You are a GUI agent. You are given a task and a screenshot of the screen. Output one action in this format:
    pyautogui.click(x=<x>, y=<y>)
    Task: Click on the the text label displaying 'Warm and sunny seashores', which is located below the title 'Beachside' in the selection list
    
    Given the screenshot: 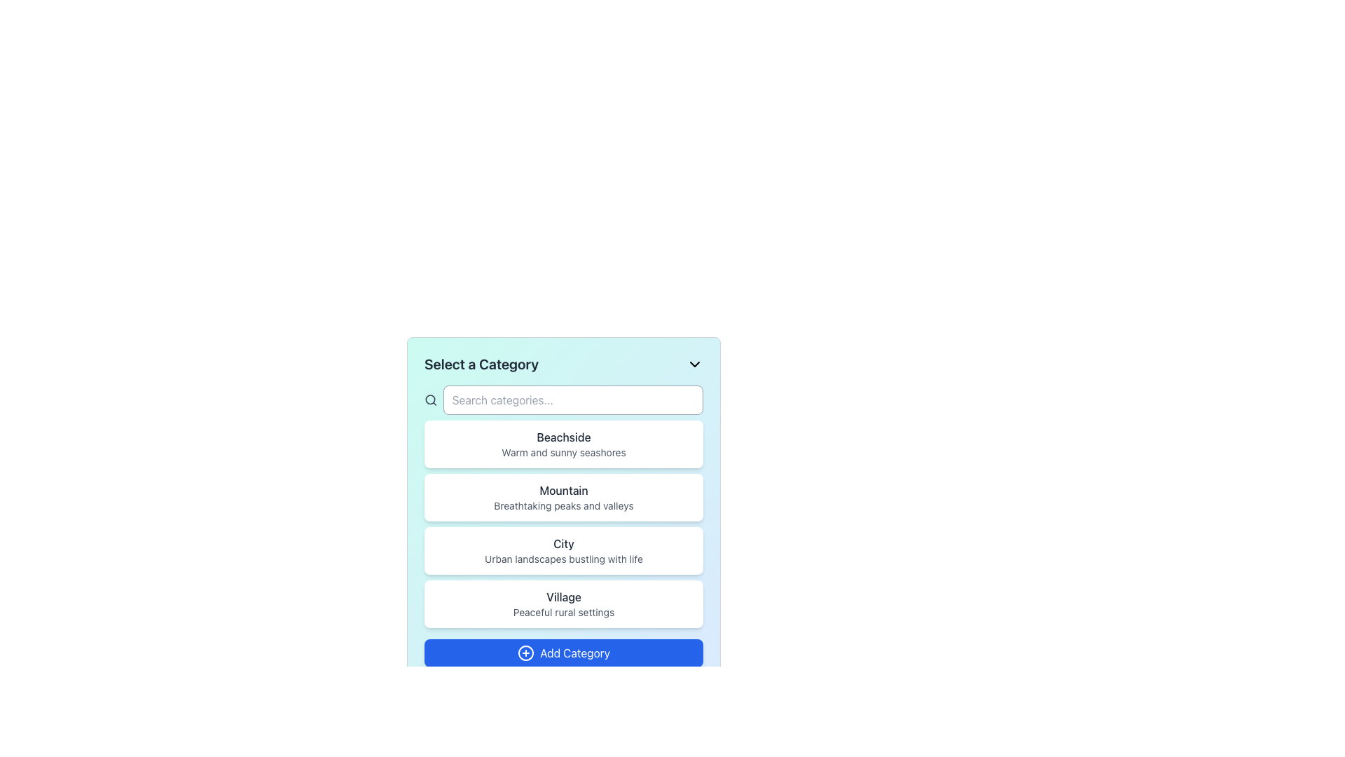 What is the action you would take?
    pyautogui.click(x=564, y=452)
    